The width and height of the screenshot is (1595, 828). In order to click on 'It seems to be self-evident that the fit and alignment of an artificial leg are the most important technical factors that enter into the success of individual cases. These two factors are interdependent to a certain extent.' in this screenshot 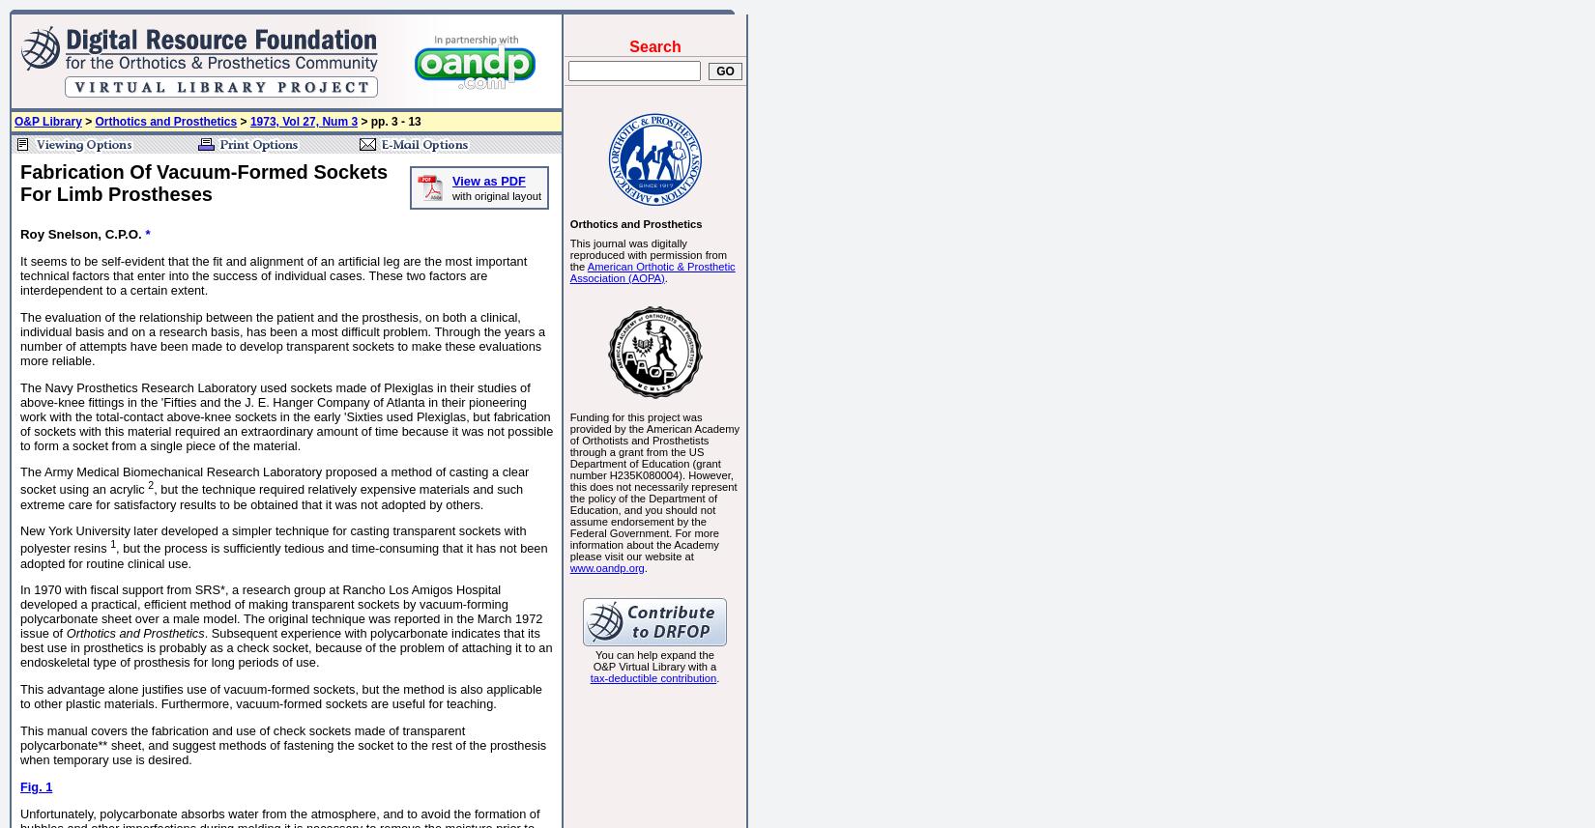, I will do `click(273, 273)`.